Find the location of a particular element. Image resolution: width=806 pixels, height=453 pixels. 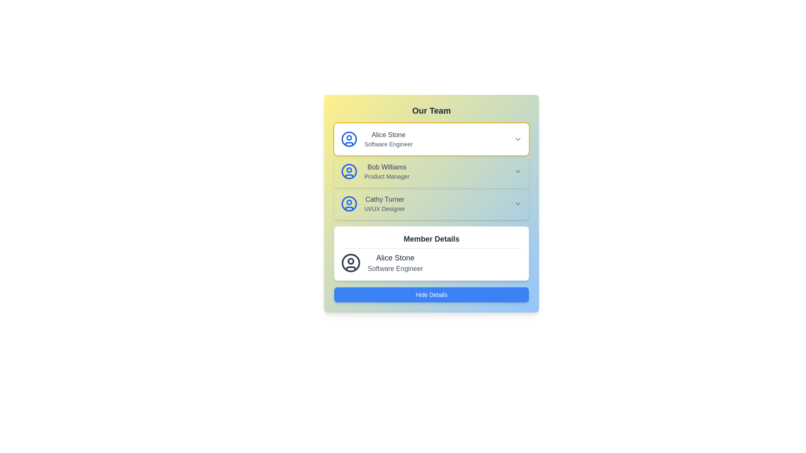

the text label displaying the job title 'Product Manager' for Bob Williams to possibly trigger a tooltip is located at coordinates (386, 176).